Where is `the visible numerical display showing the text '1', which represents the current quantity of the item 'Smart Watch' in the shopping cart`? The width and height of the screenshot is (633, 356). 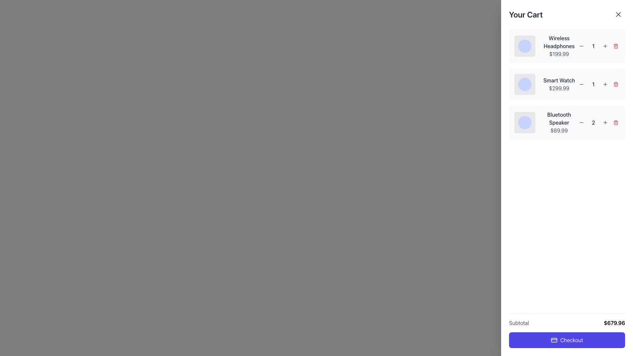
the visible numerical display showing the text '1', which represents the current quantity of the item 'Smart Watch' in the shopping cart is located at coordinates (593, 84).